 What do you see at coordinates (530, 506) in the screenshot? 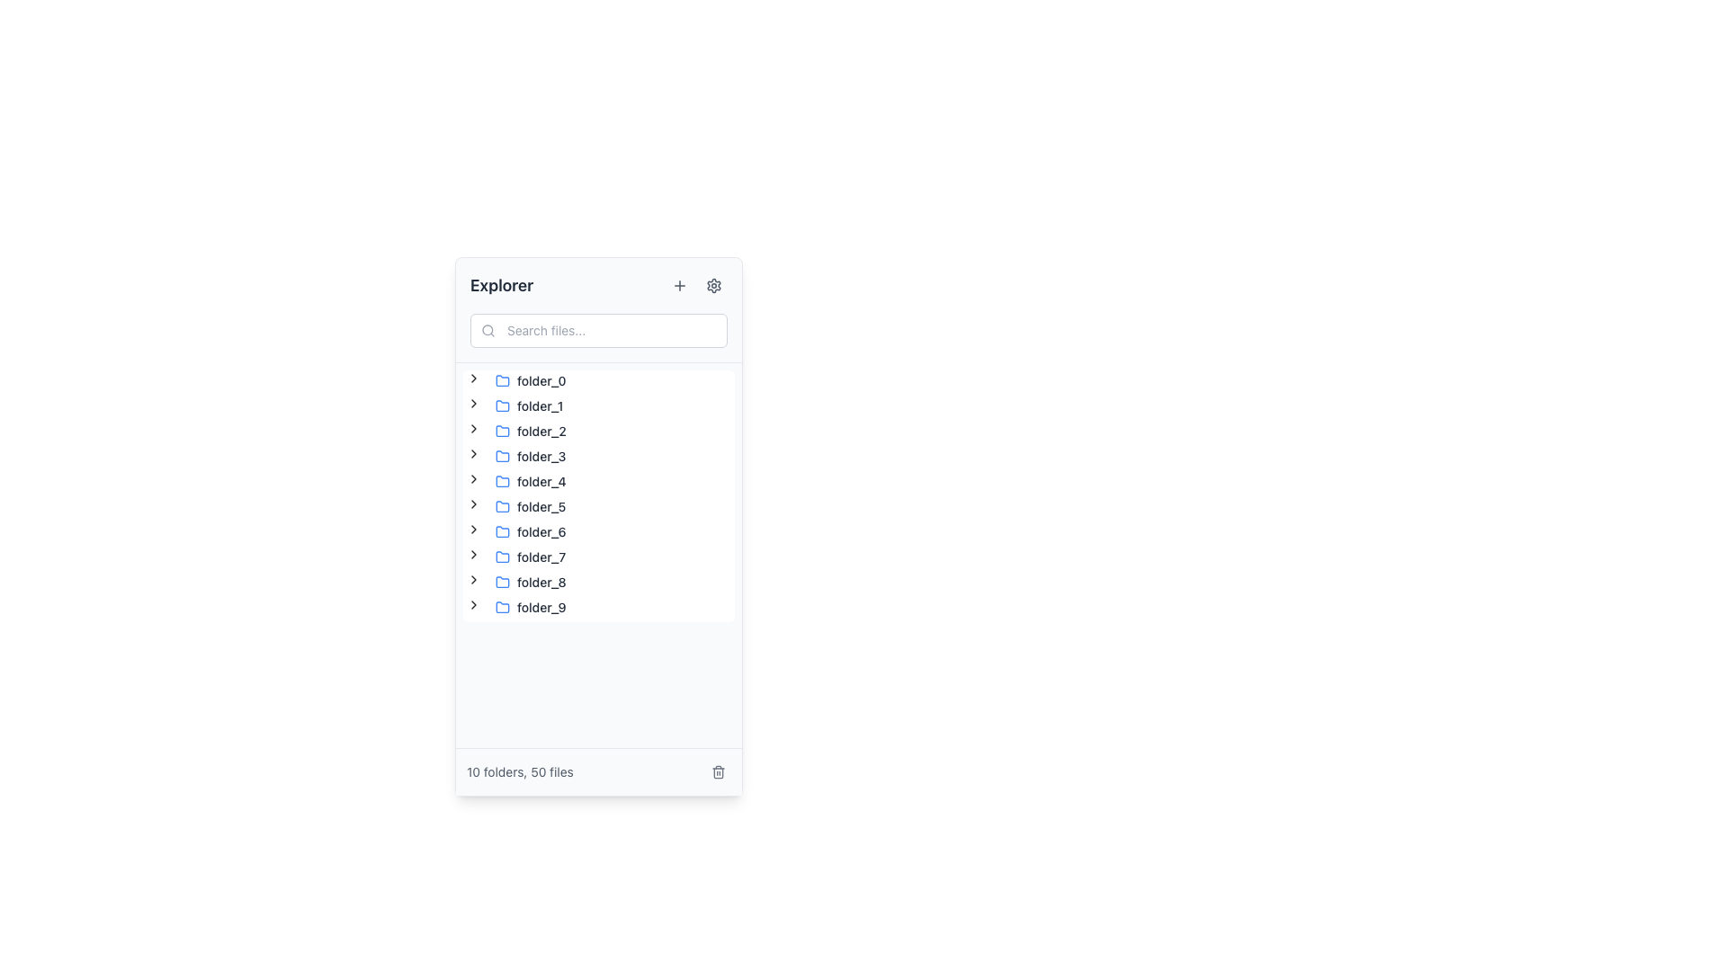
I see `to select the folder item labeled 'folder_5' in the Explorer interface, which is represented by a blue folder icon and is in a collapsed state` at bounding box center [530, 506].